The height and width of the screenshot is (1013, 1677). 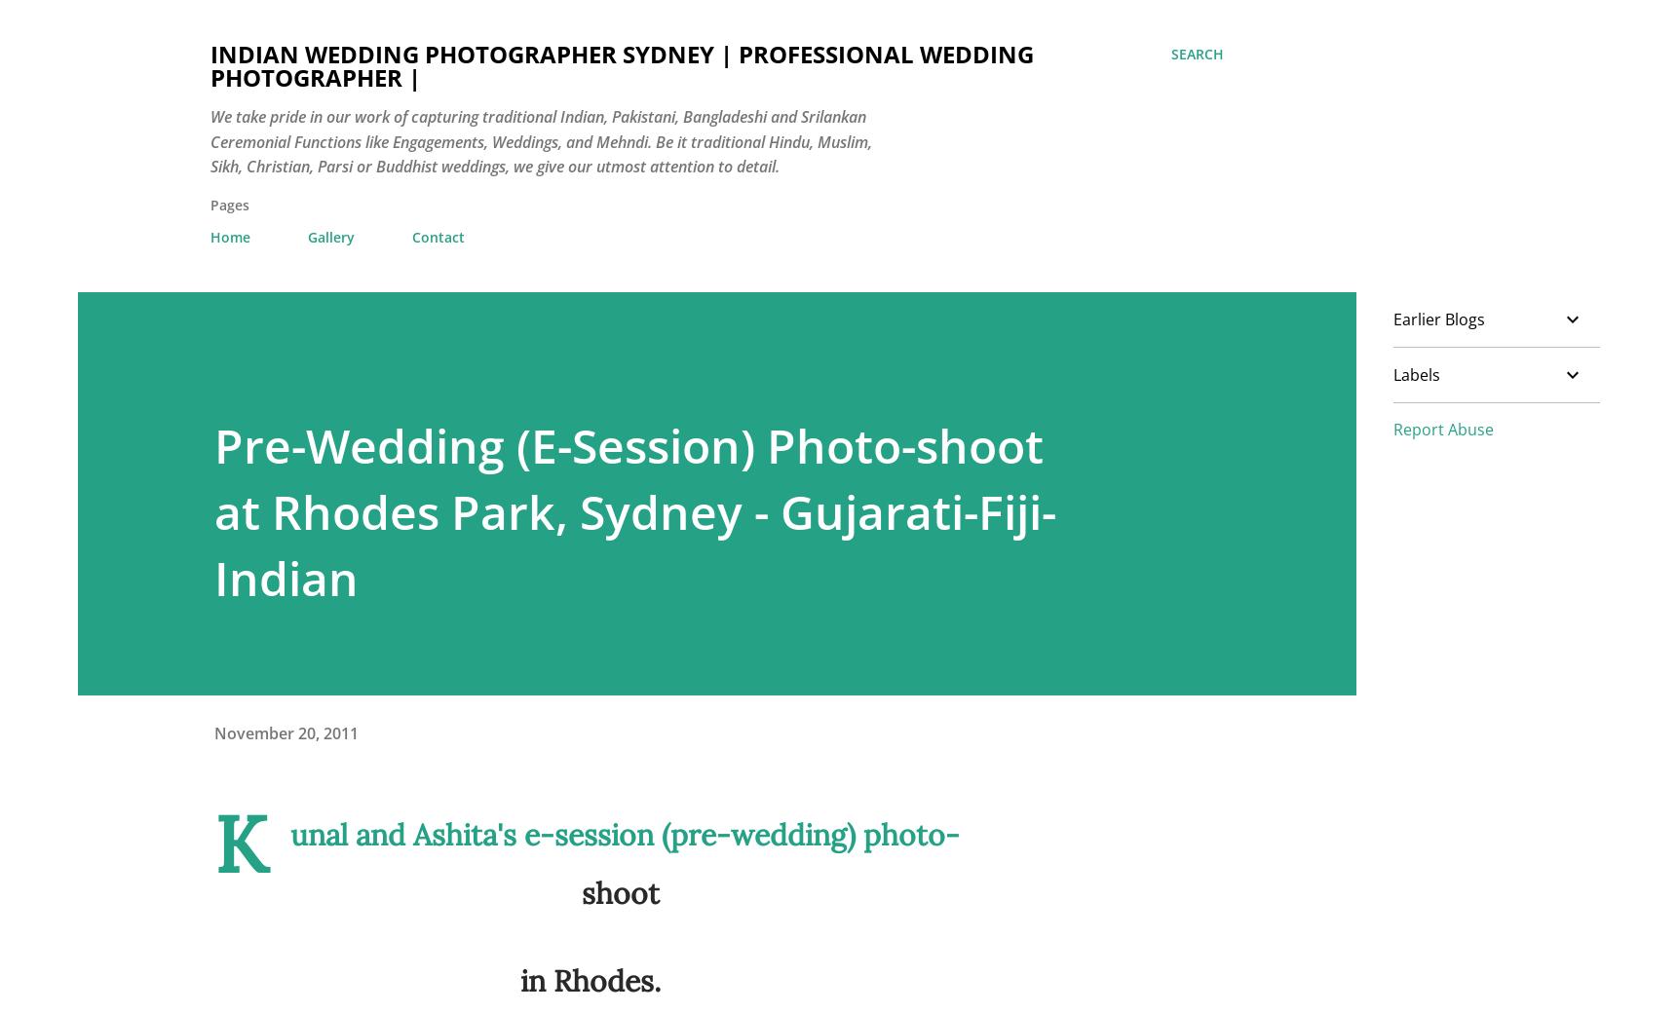 I want to click on 'Fiji', so click(x=1071, y=957).